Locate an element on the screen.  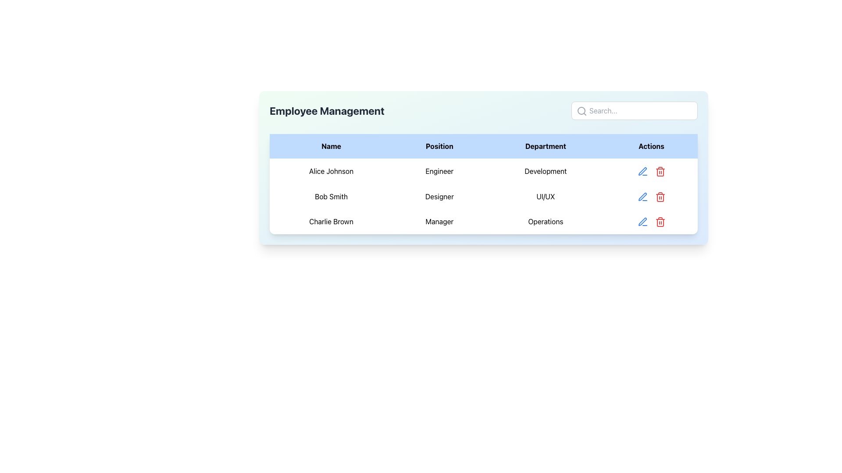
bold text label 'Employee Management' which is prominently displayed on a light background near the top of the interface is located at coordinates (326, 110).